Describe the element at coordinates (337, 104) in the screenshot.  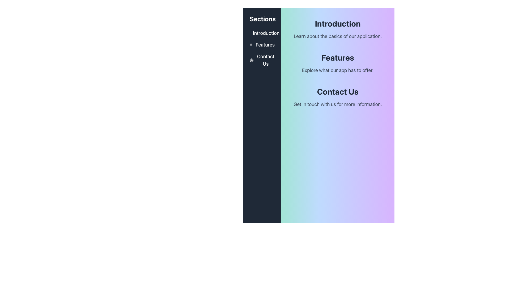
I see `the text element that reads 'Get in touch with us for more information.' which is styled in a light gray sans-serif font and located below the 'Contact Us' heading` at that location.